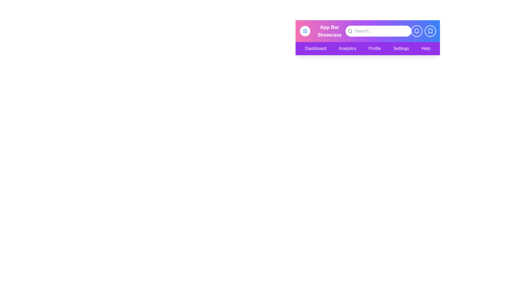  Describe the element at coordinates (425, 48) in the screenshot. I see `the menu item Help from the navigation bar` at that location.